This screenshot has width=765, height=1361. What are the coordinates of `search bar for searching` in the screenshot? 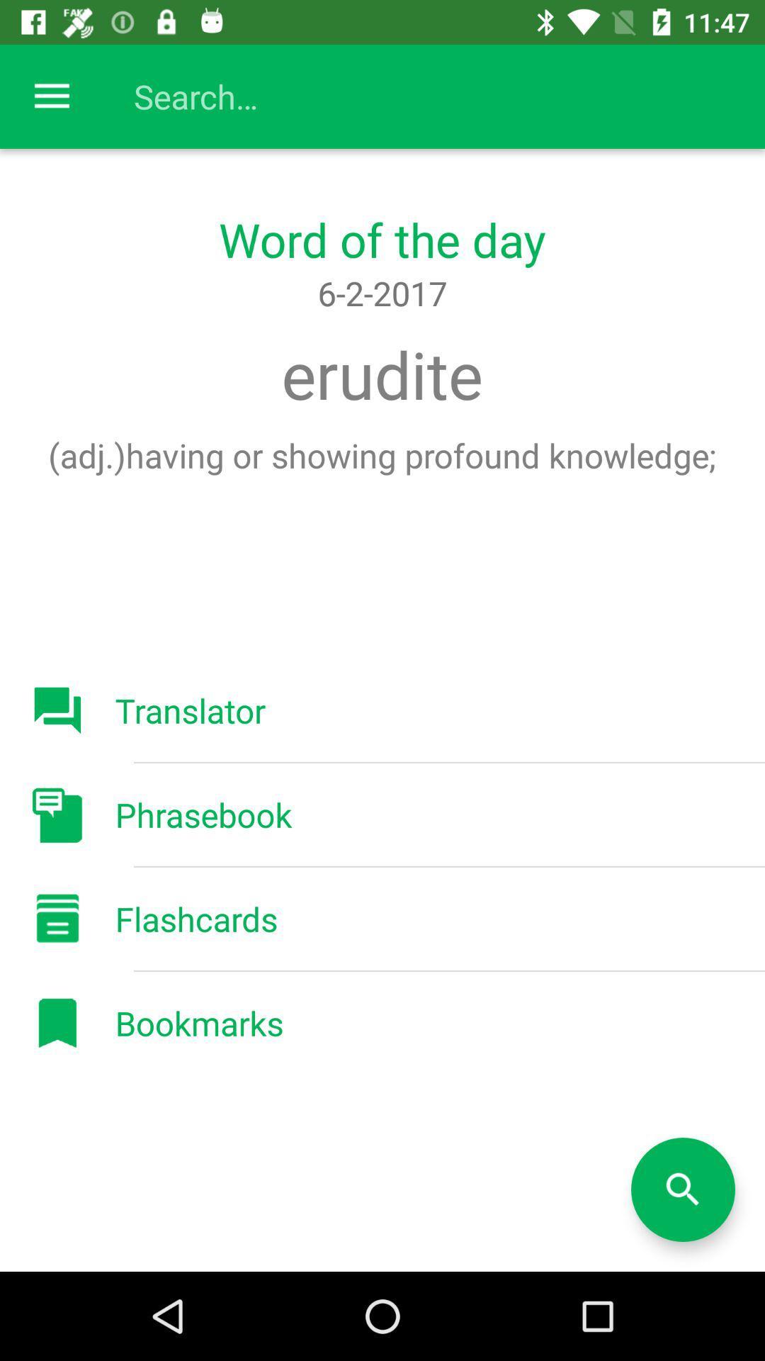 It's located at (397, 96).